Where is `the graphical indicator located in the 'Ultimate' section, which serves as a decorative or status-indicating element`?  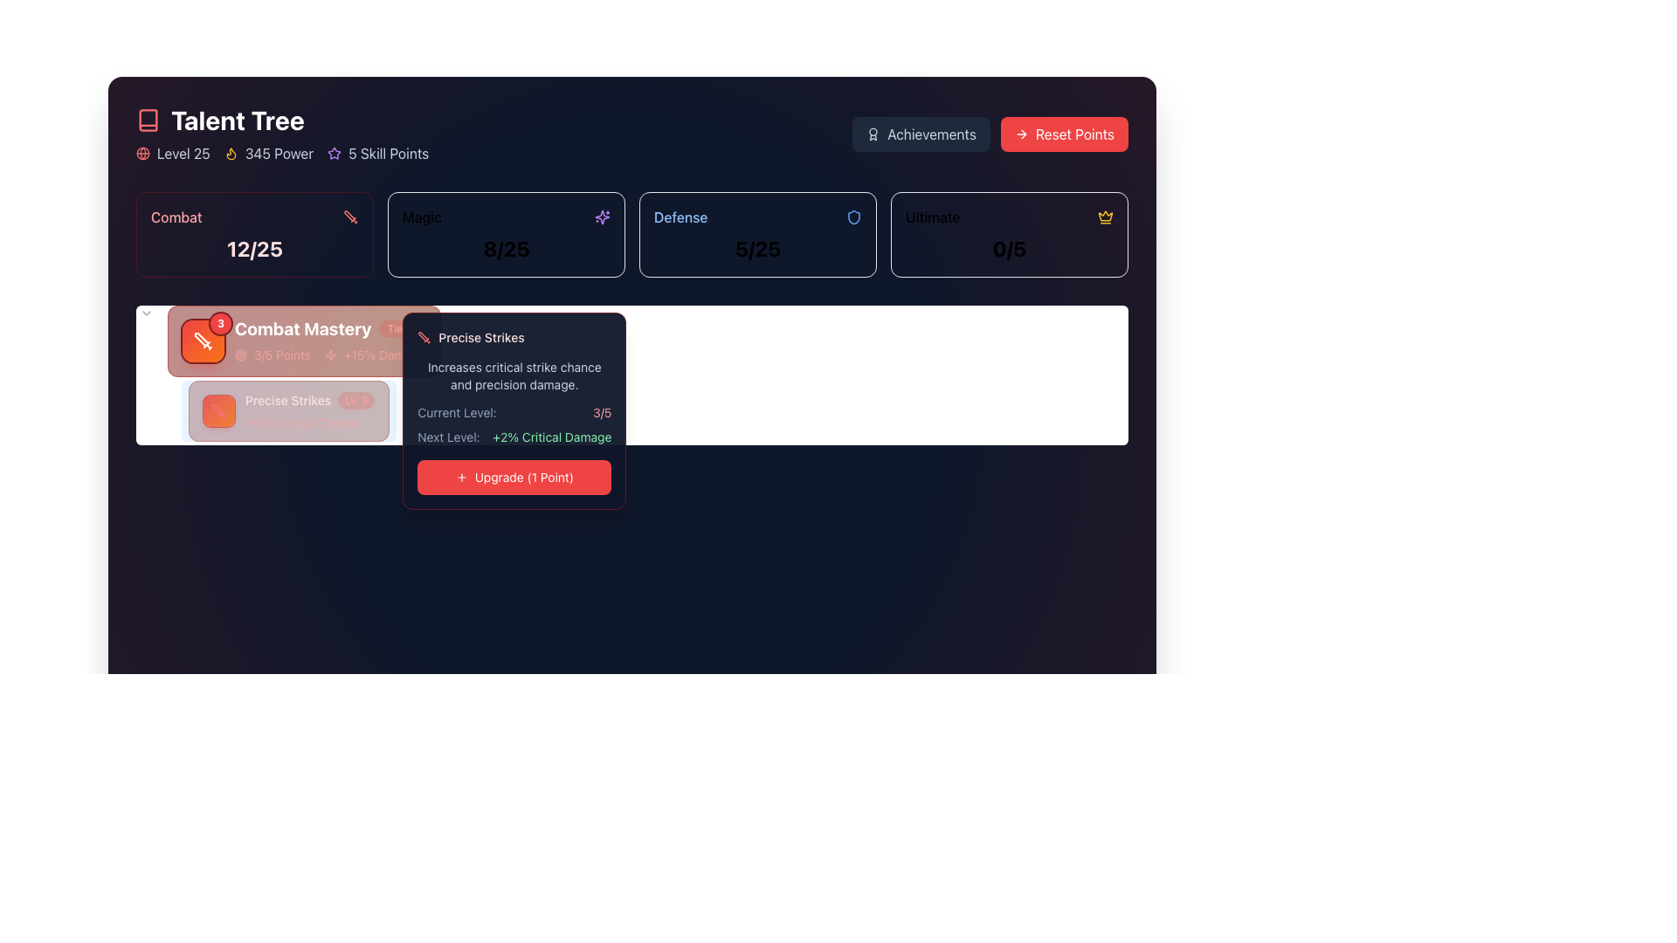 the graphical indicator located in the 'Ultimate' section, which serves as a decorative or status-indicating element is located at coordinates (1052, 279).